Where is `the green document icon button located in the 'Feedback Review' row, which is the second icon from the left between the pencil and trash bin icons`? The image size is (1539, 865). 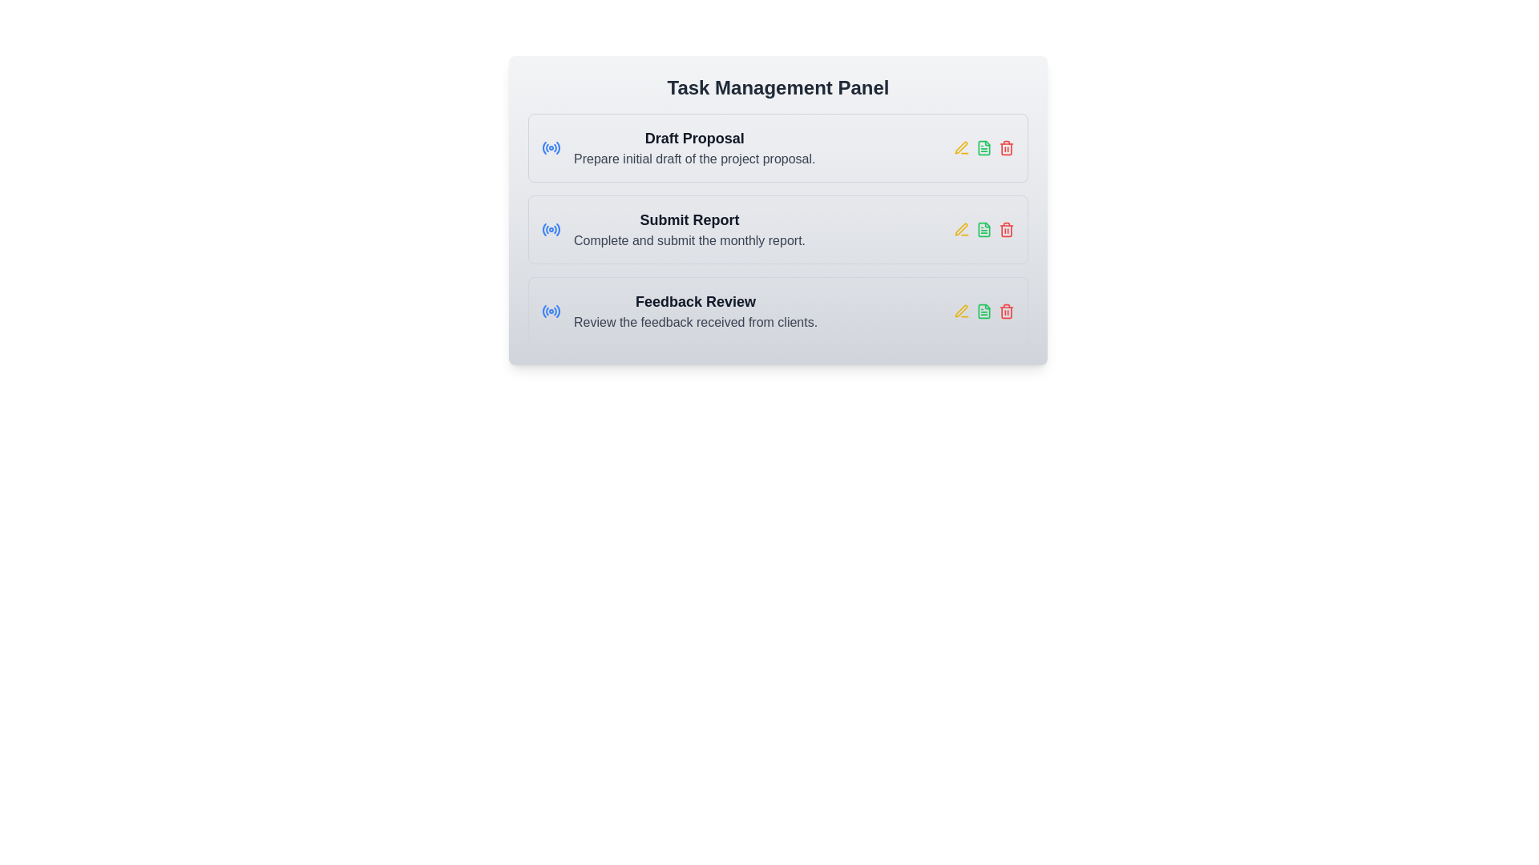 the green document icon button located in the 'Feedback Review' row, which is the second icon from the left between the pencil and trash bin icons is located at coordinates (984, 312).